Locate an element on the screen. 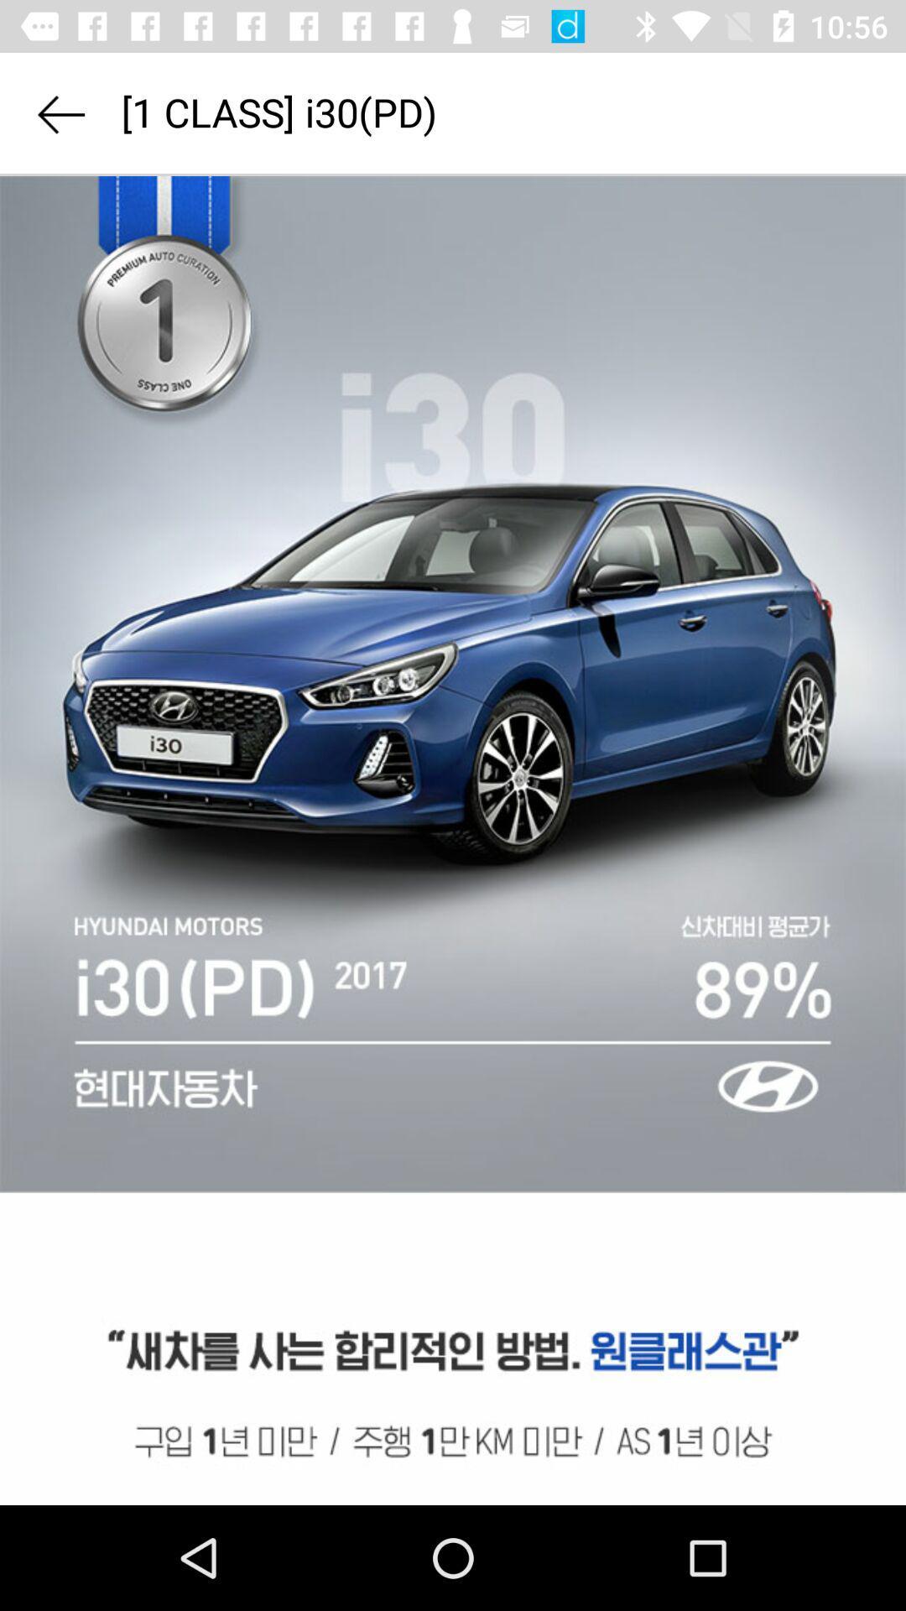 The height and width of the screenshot is (1611, 906). go back is located at coordinates (60, 113).